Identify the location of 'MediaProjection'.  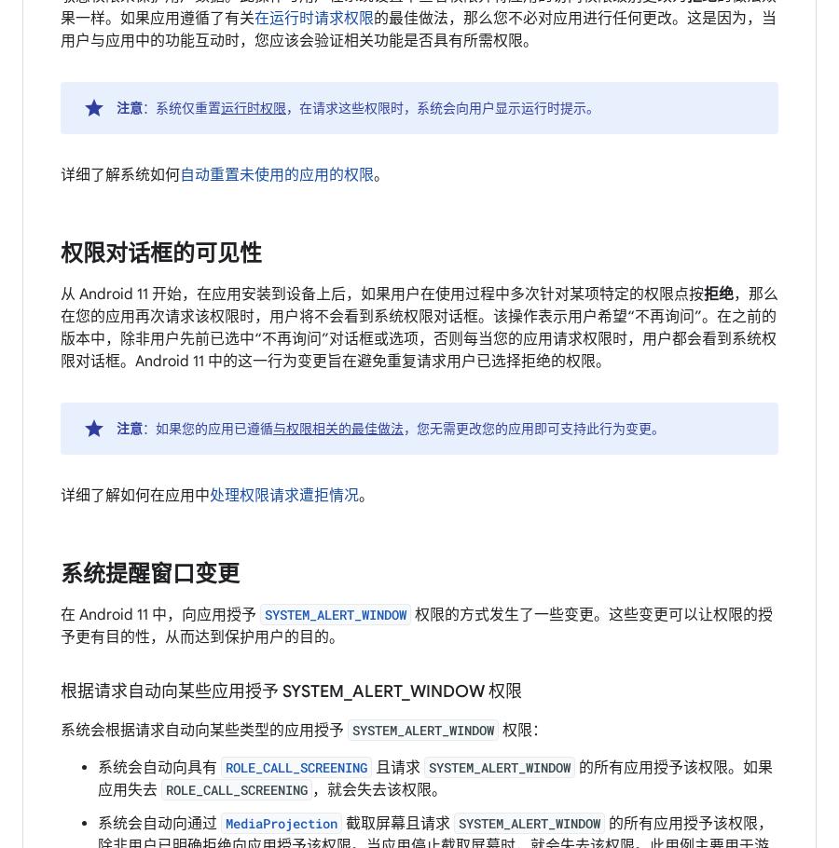
(281, 823).